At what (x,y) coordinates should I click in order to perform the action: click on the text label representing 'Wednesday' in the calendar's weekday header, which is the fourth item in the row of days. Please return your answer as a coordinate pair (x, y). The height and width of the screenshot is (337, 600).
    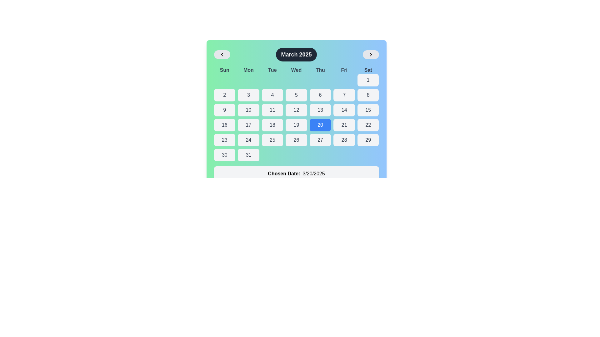
    Looking at the image, I should click on (296, 70).